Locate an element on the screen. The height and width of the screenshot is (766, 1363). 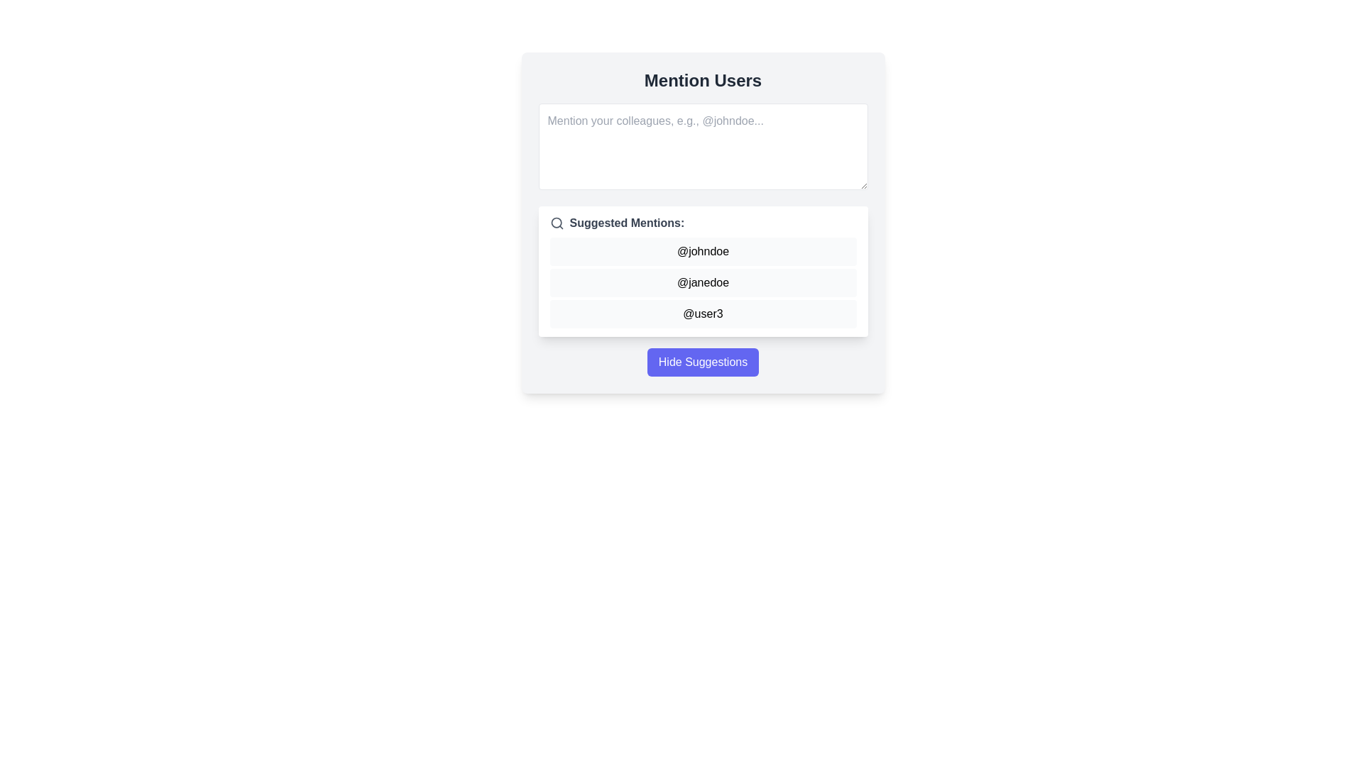
the button with a purple background and white text labeled 'Hide Suggestions' to hide suggestions is located at coordinates (703, 361).